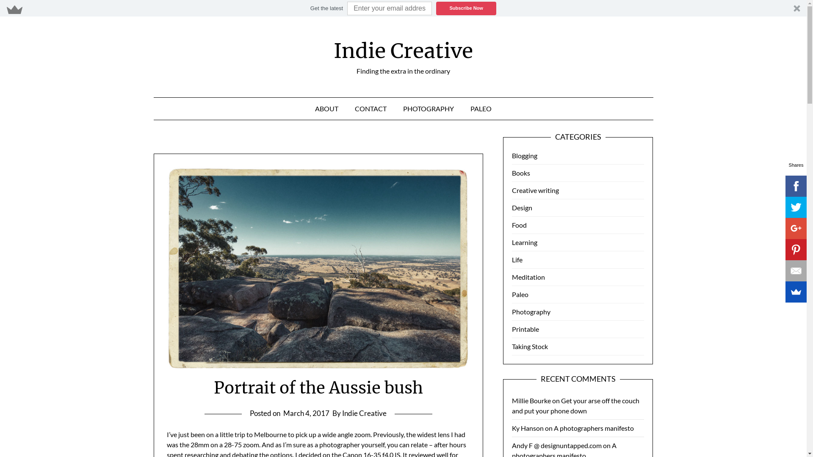  What do you see at coordinates (524, 242) in the screenshot?
I see `'Learning'` at bounding box center [524, 242].